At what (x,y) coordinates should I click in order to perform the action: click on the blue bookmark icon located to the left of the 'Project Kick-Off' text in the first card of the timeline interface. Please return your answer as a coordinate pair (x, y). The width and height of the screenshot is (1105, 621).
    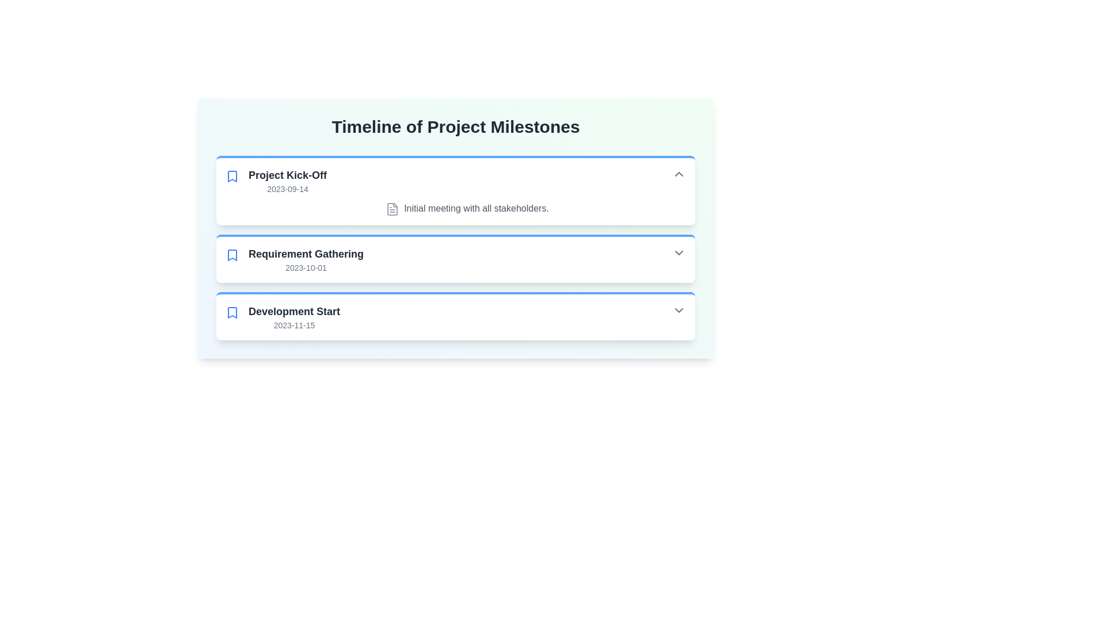
    Looking at the image, I should click on (231, 177).